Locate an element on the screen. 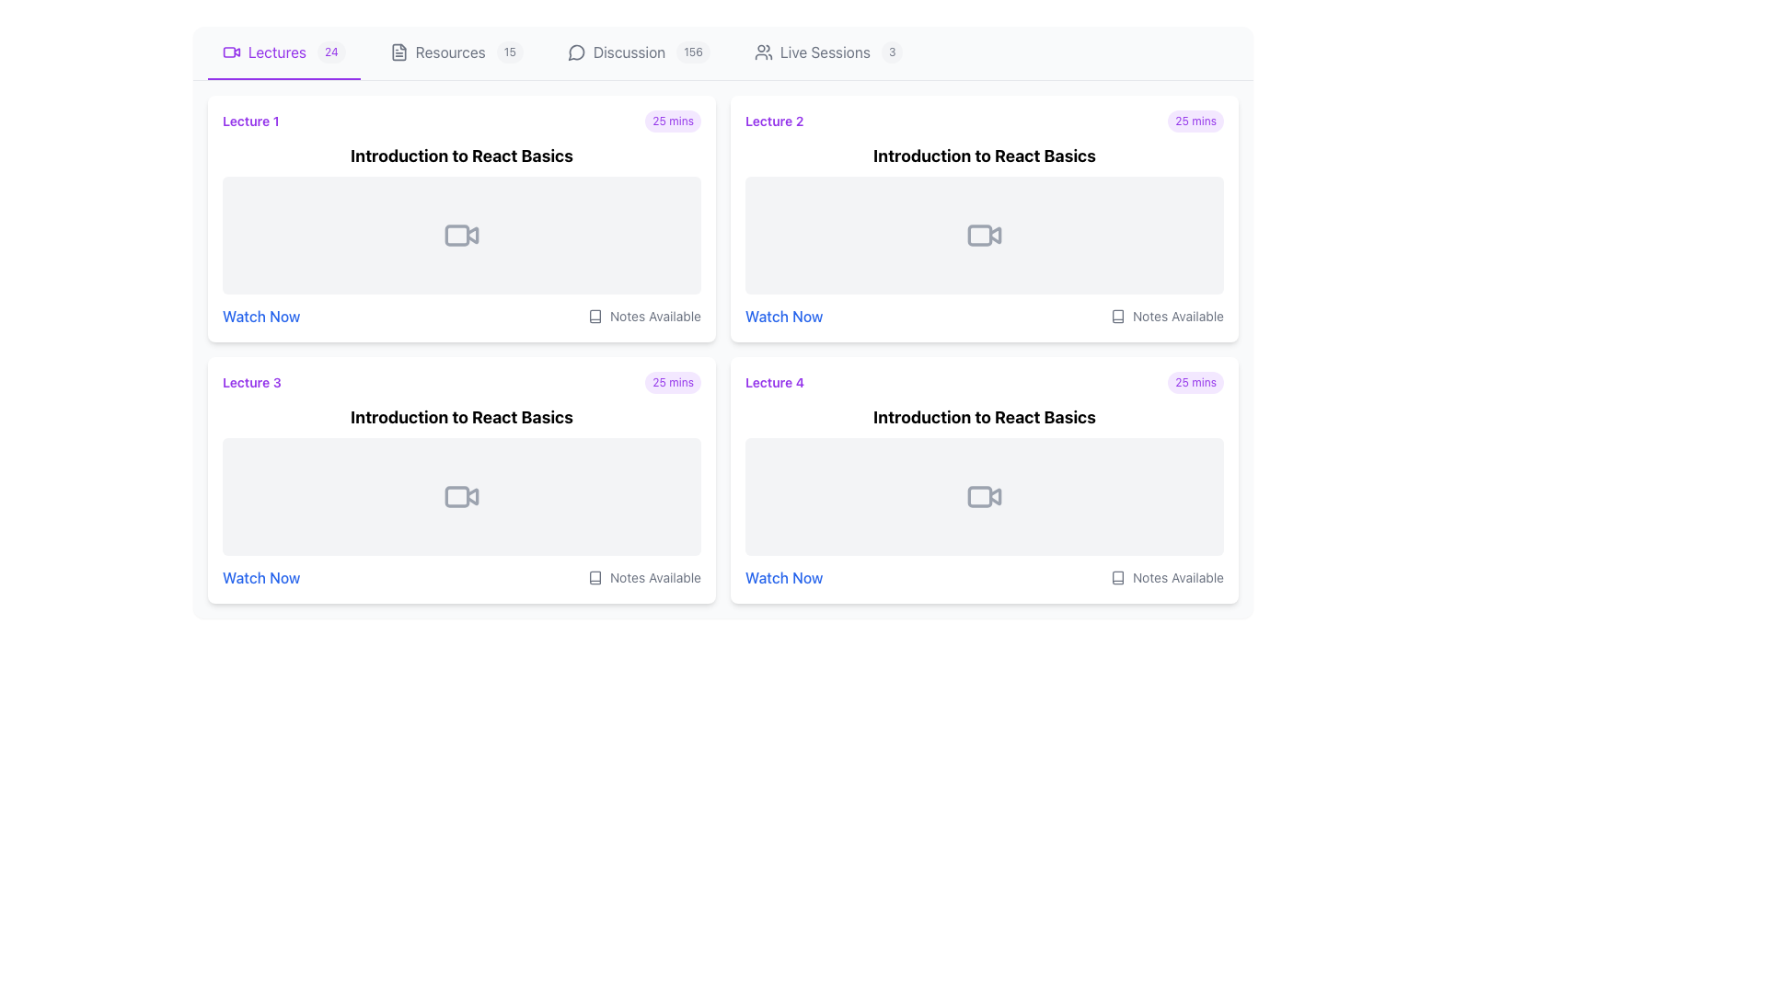  the 'Notes Available' label with a book icon located in the bottom-right portion of the first lecture card, adjacent to the 'Watch Now' button is located at coordinates (644, 315).